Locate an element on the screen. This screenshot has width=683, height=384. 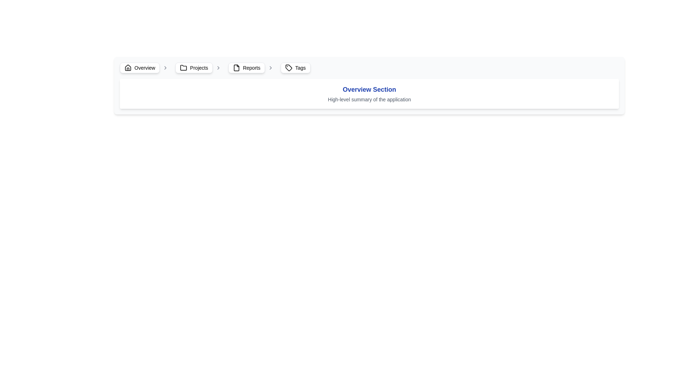
the house-shaped icon in the breadcrumb navigation bar is located at coordinates (128, 67).